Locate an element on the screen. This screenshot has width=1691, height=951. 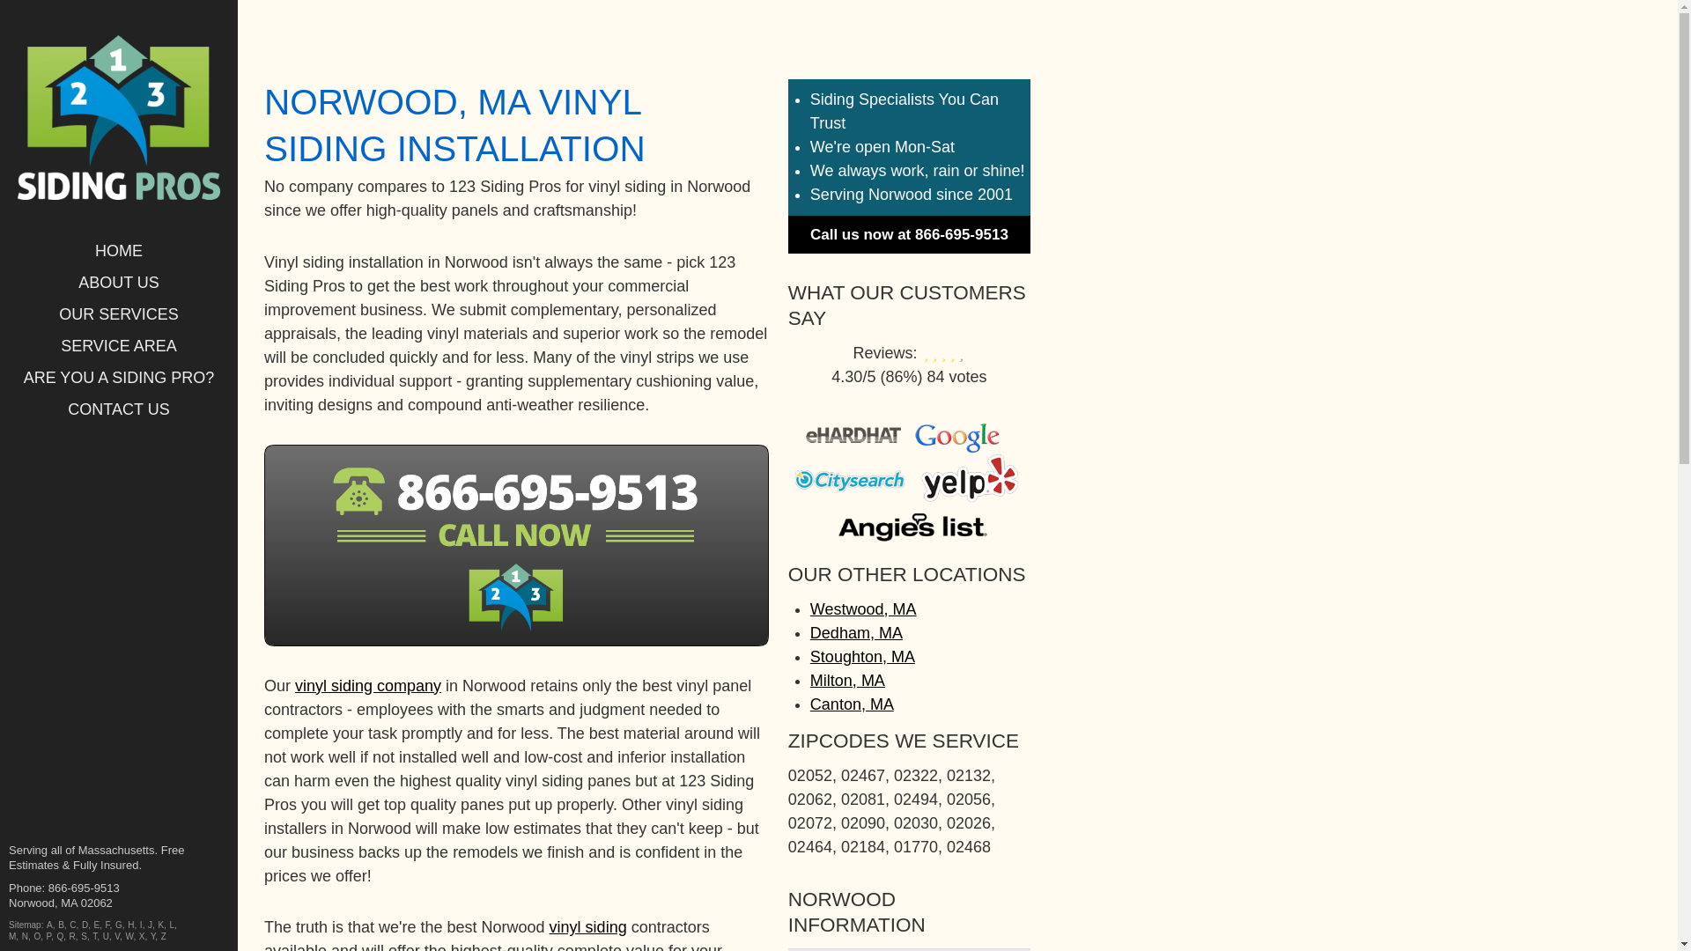
'K' is located at coordinates (157, 924).